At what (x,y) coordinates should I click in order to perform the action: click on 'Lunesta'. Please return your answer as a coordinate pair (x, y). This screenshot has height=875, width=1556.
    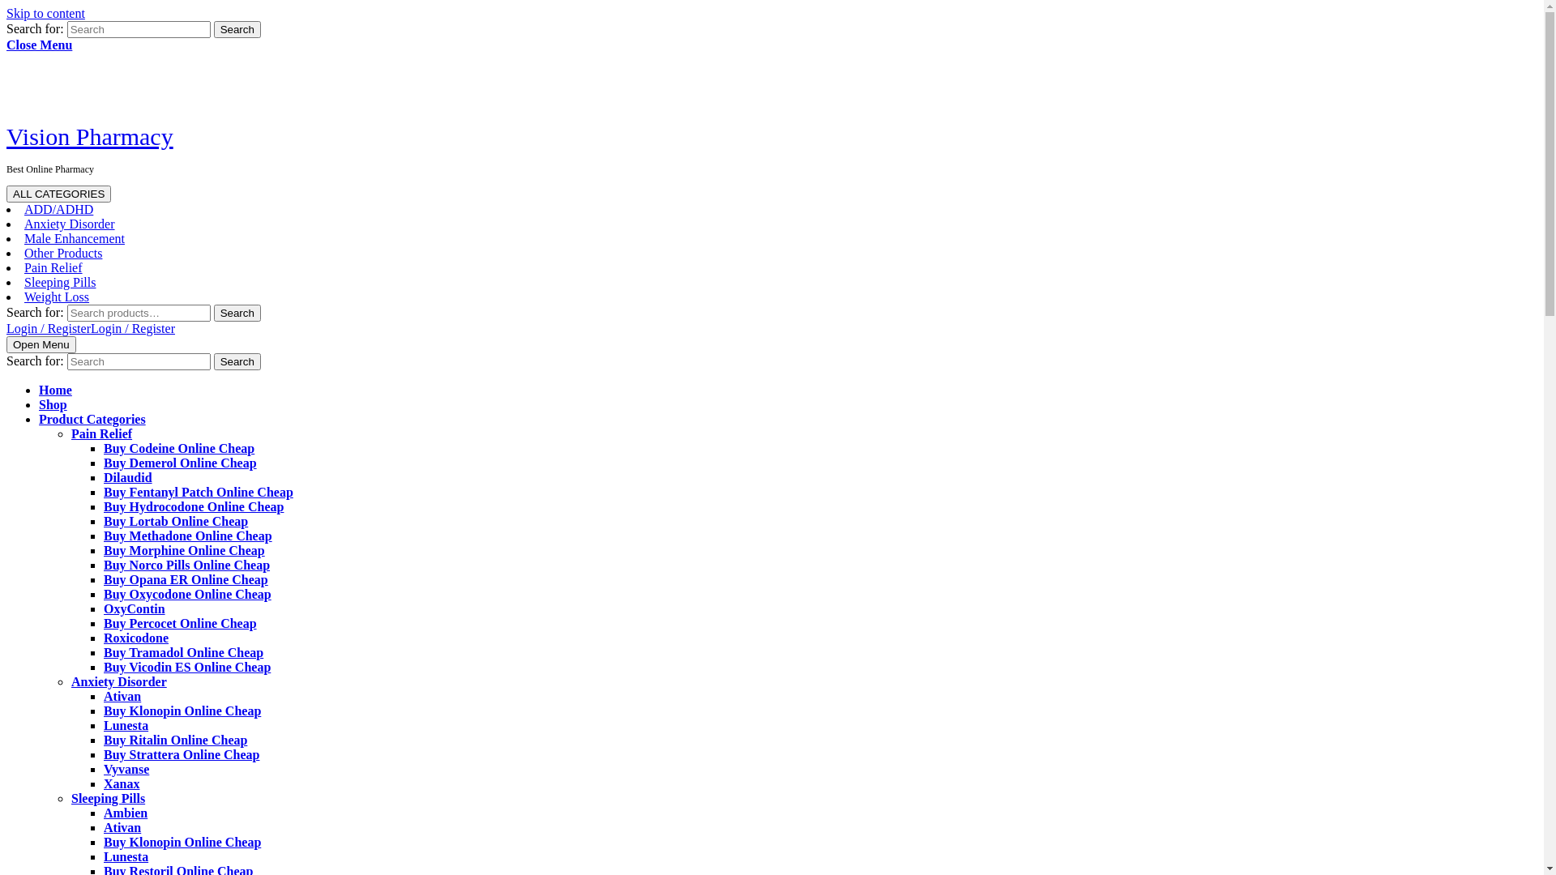
    Looking at the image, I should click on (125, 724).